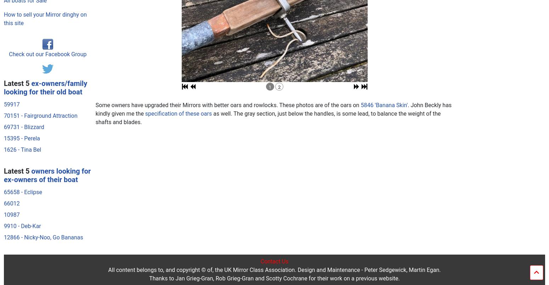 The image size is (549, 285). What do you see at coordinates (11, 77) in the screenshot?
I see `'10987'` at bounding box center [11, 77].